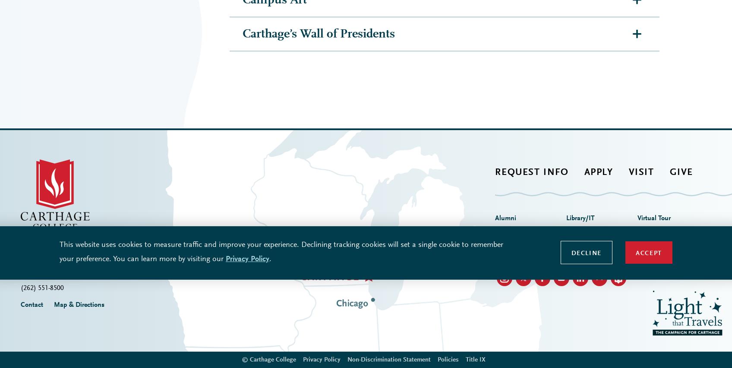 Image resolution: width=732 pixels, height=368 pixels. Describe the element at coordinates (48, 122) in the screenshot. I see `'Kenosha, WI 53140'` at that location.